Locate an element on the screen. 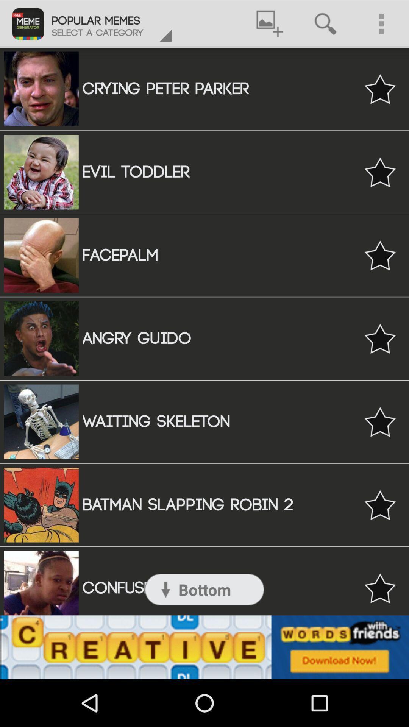  favorite is located at coordinates (380, 172).